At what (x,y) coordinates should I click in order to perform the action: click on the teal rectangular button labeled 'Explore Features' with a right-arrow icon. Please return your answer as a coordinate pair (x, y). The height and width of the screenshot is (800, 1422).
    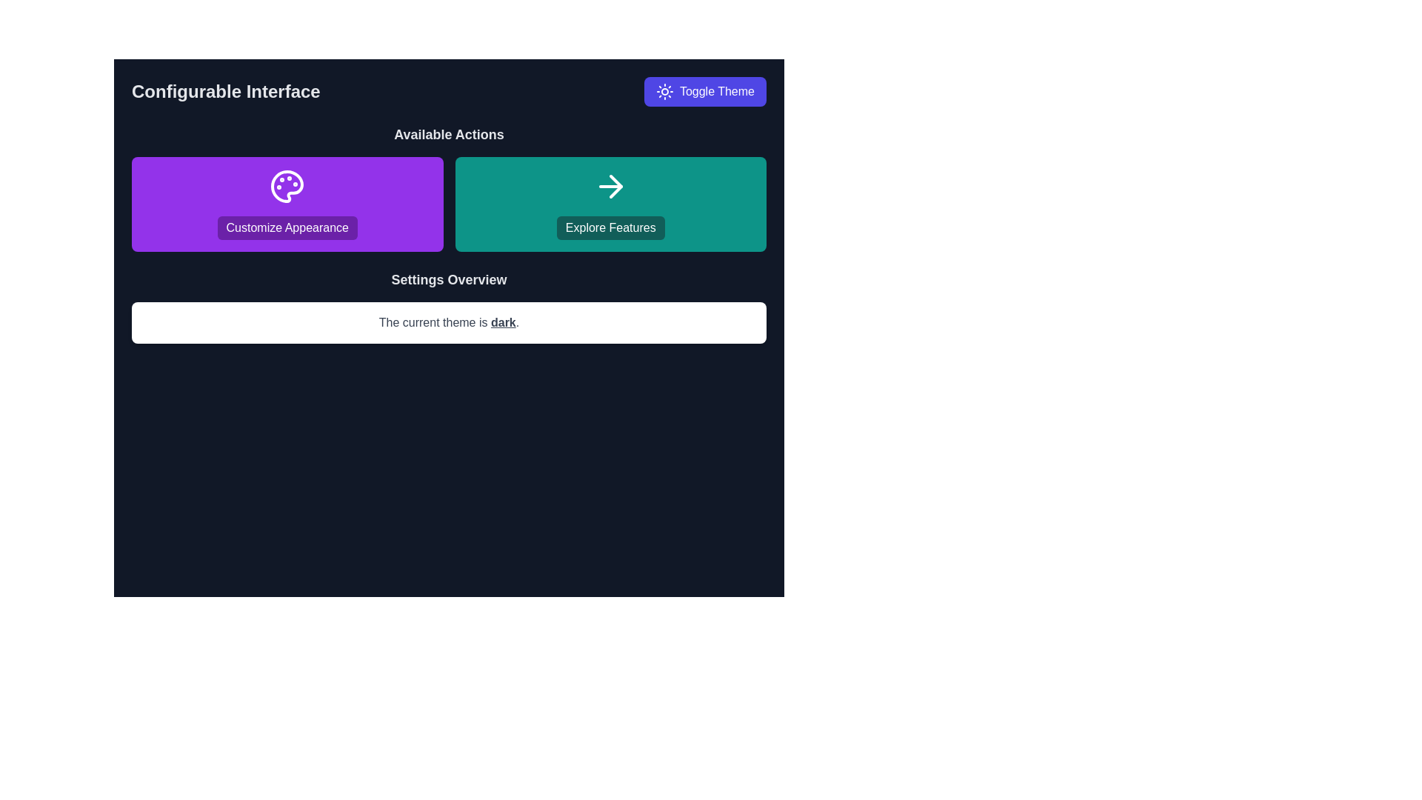
    Looking at the image, I should click on (610, 204).